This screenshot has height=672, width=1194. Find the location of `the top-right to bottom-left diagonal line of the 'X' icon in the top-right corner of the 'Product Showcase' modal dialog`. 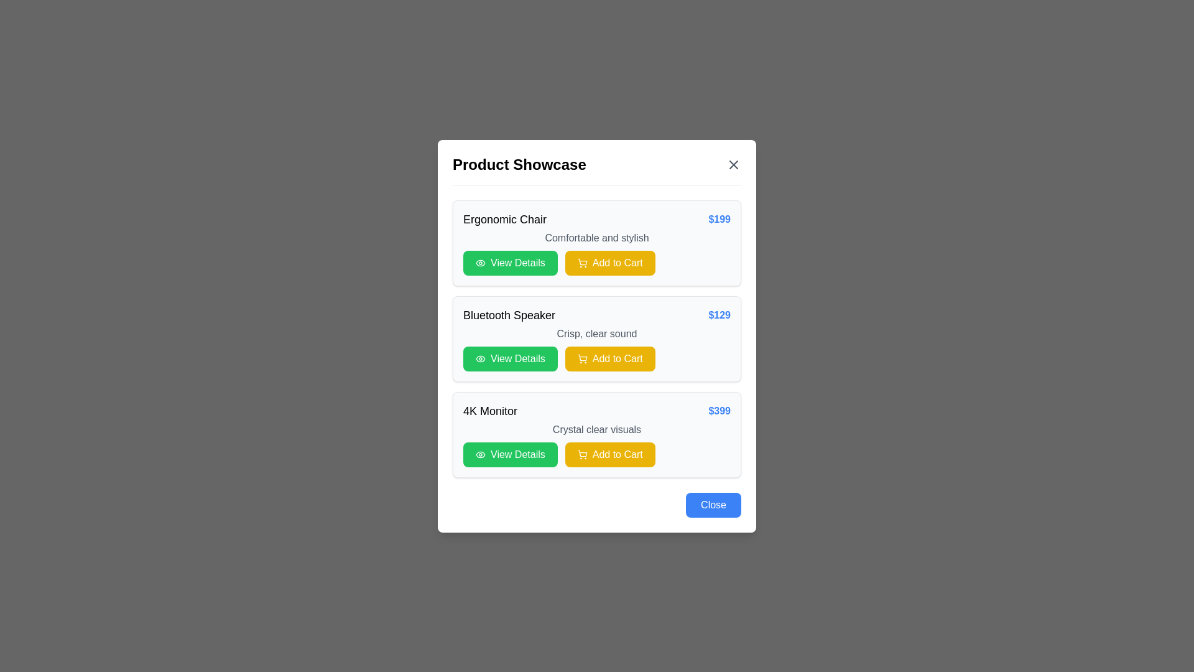

the top-right to bottom-left diagonal line of the 'X' icon in the top-right corner of the 'Product Showcase' modal dialog is located at coordinates (734, 164).